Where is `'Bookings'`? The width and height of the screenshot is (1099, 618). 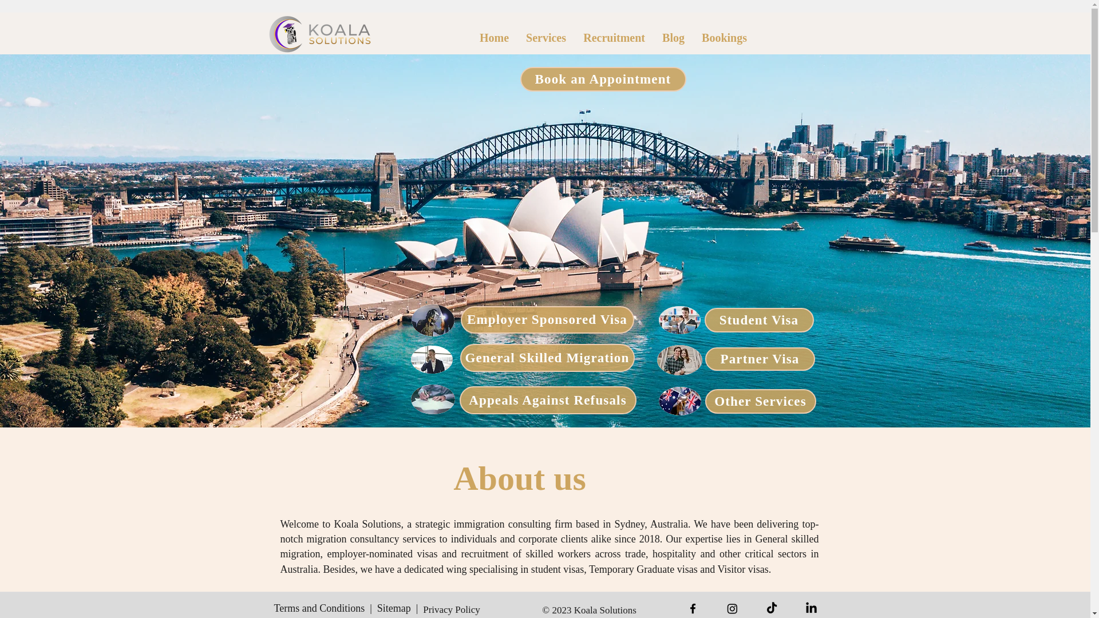
'Bookings' is located at coordinates (724, 37).